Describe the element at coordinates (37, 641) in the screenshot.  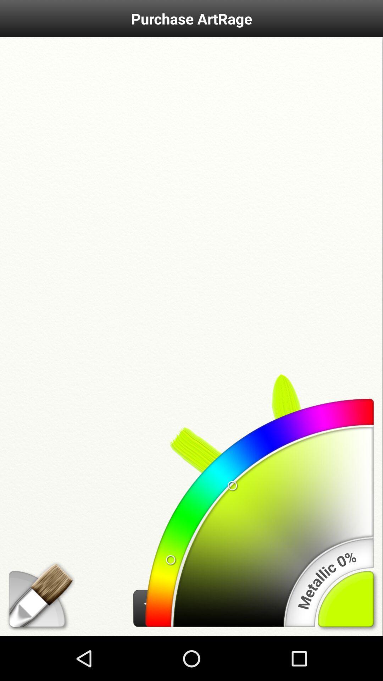
I see `the edit icon` at that location.